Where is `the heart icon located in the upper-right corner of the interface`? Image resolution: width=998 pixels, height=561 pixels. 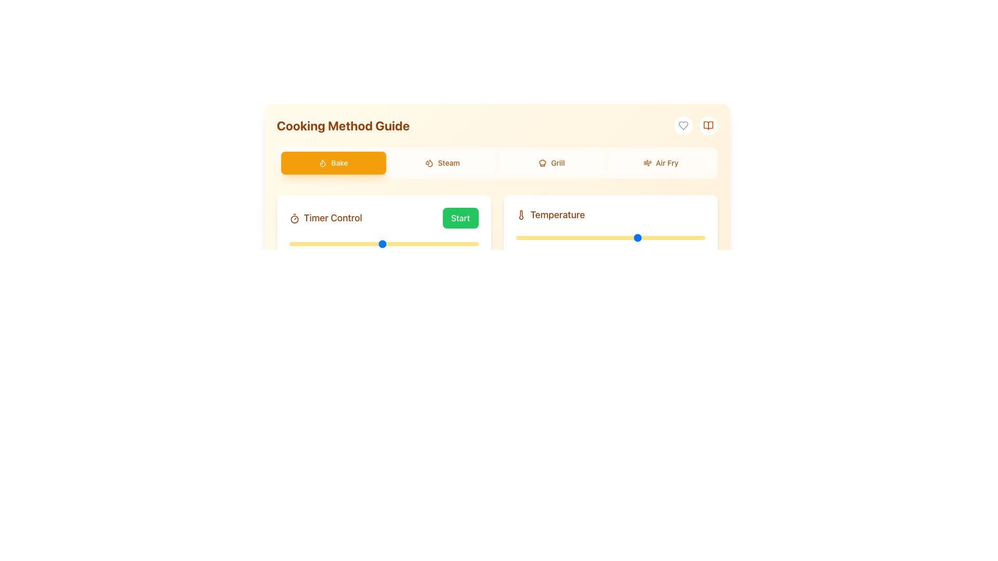
the heart icon located in the upper-right corner of the interface is located at coordinates (683, 125).